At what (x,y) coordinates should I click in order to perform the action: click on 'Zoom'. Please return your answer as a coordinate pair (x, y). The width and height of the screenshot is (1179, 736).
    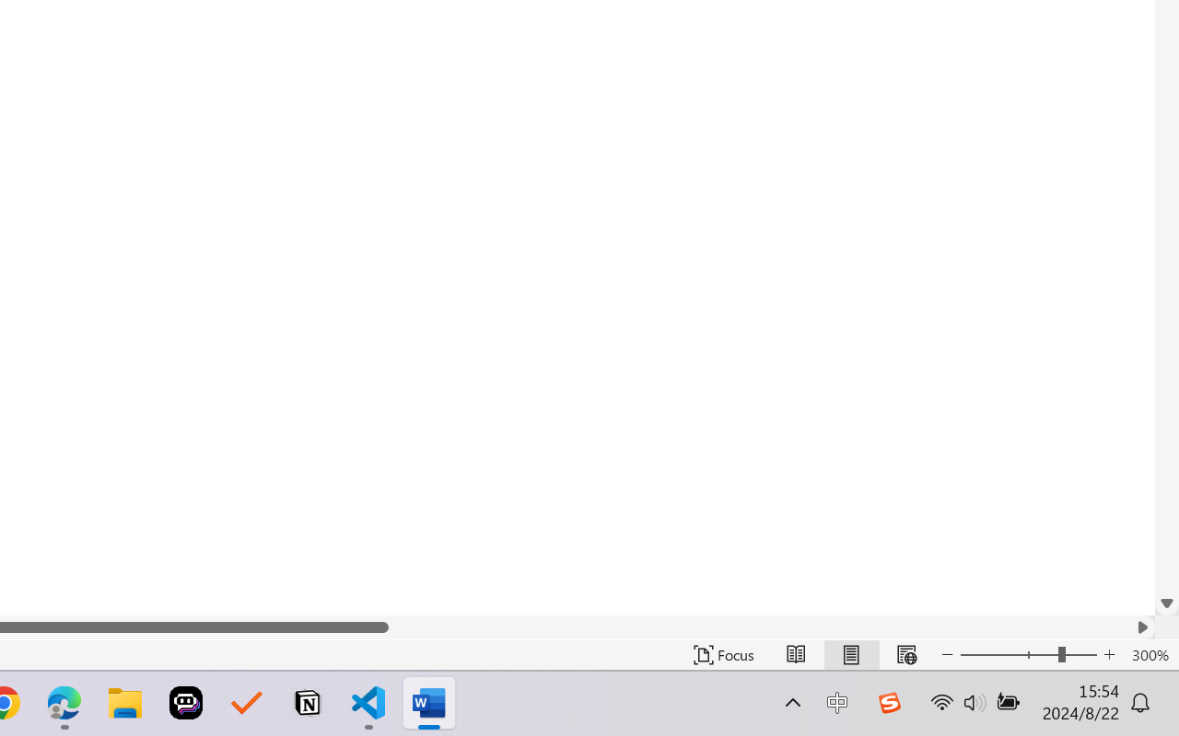
    Looking at the image, I should click on (1027, 654).